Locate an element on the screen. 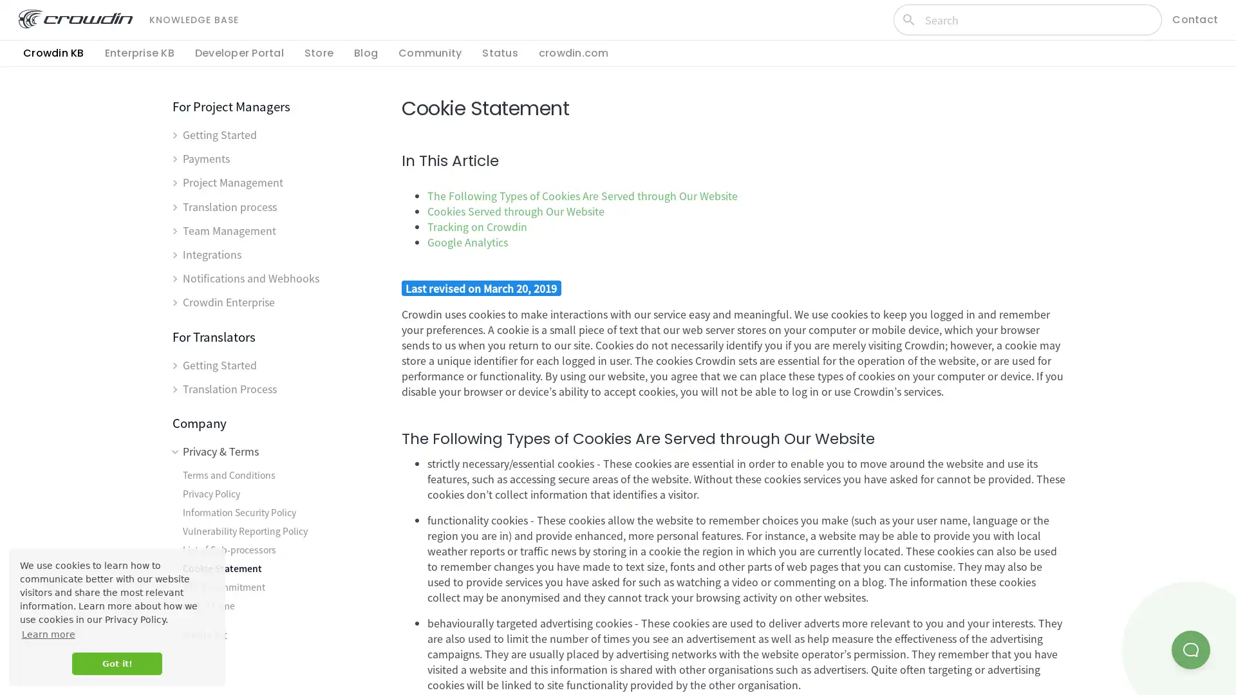 This screenshot has height=695, width=1236. dismiss cookie message is located at coordinates (117, 663).